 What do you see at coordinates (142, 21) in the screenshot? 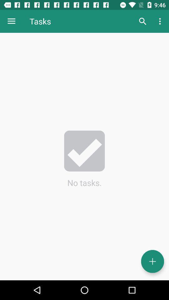
I see `the icon to the right of tasks item` at bounding box center [142, 21].